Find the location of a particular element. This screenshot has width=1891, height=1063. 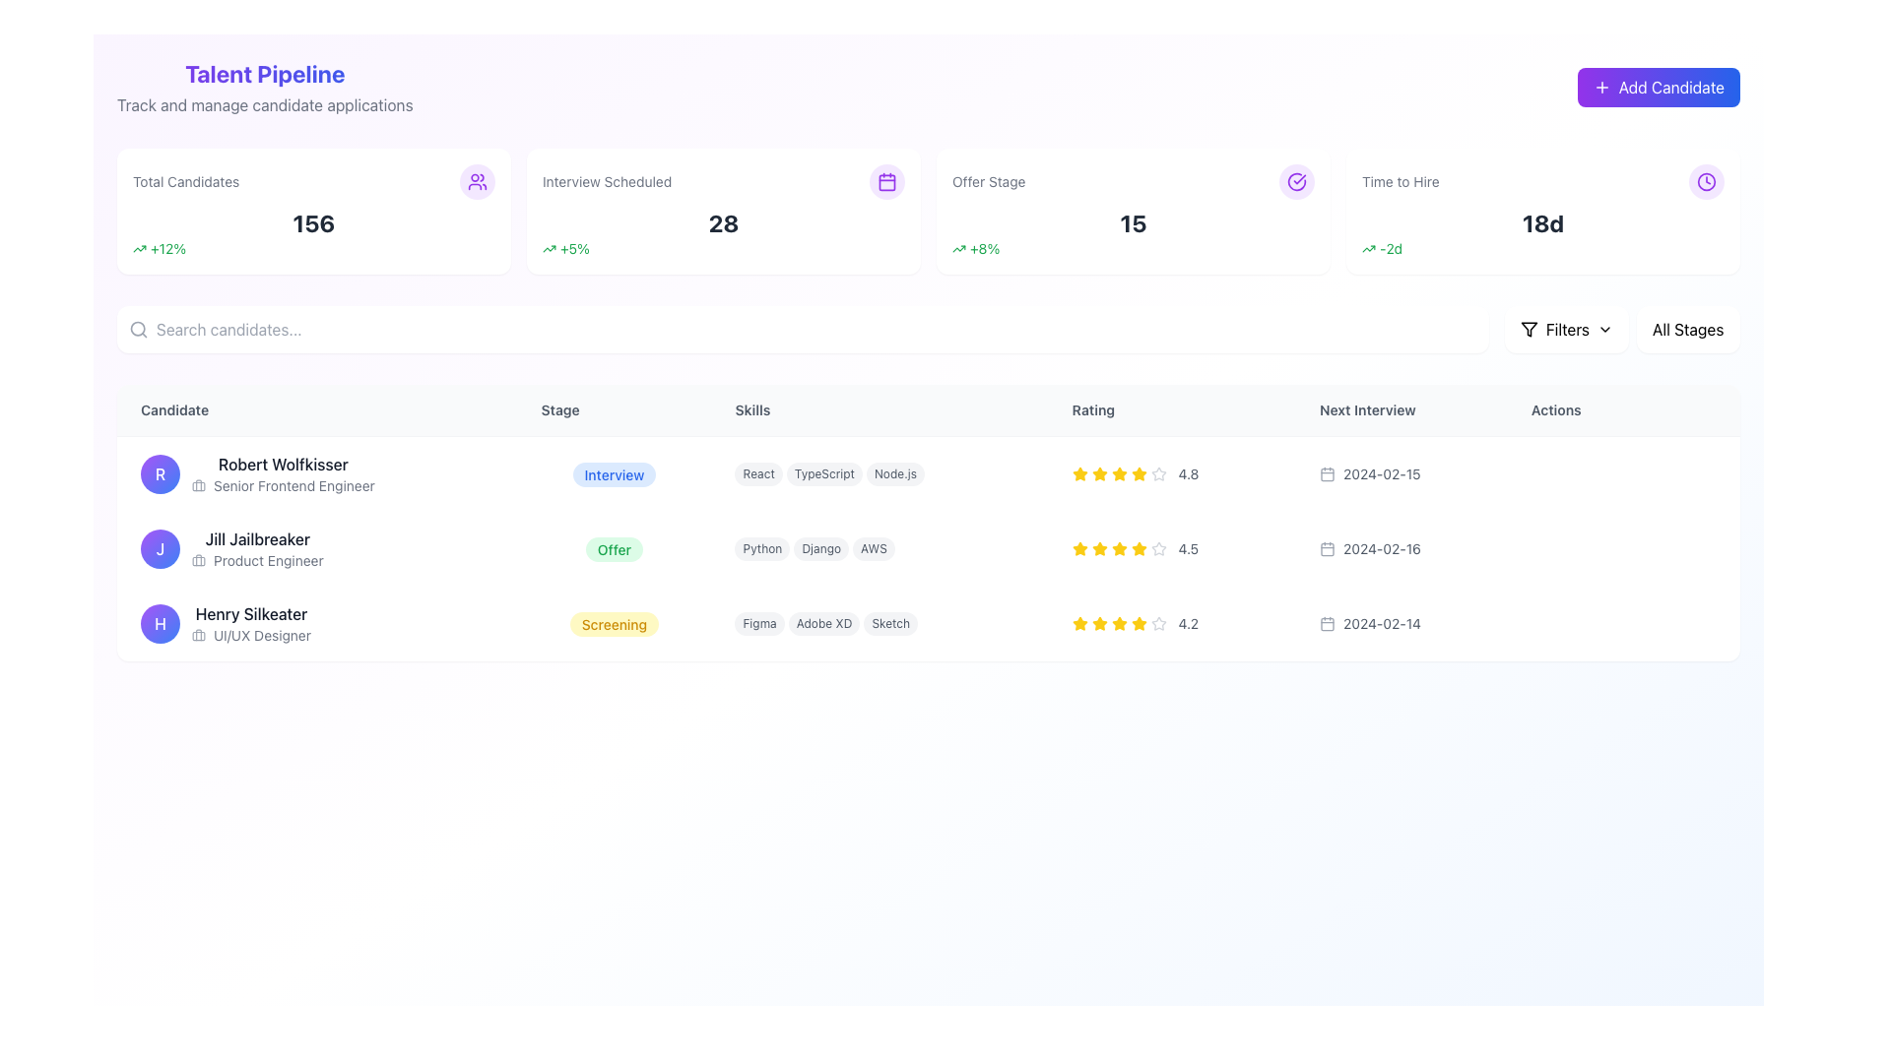

associated text next to the calendar SVG icon in the 'Next Interview' column for 'Robert Wolfkisser' is located at coordinates (1328, 474).